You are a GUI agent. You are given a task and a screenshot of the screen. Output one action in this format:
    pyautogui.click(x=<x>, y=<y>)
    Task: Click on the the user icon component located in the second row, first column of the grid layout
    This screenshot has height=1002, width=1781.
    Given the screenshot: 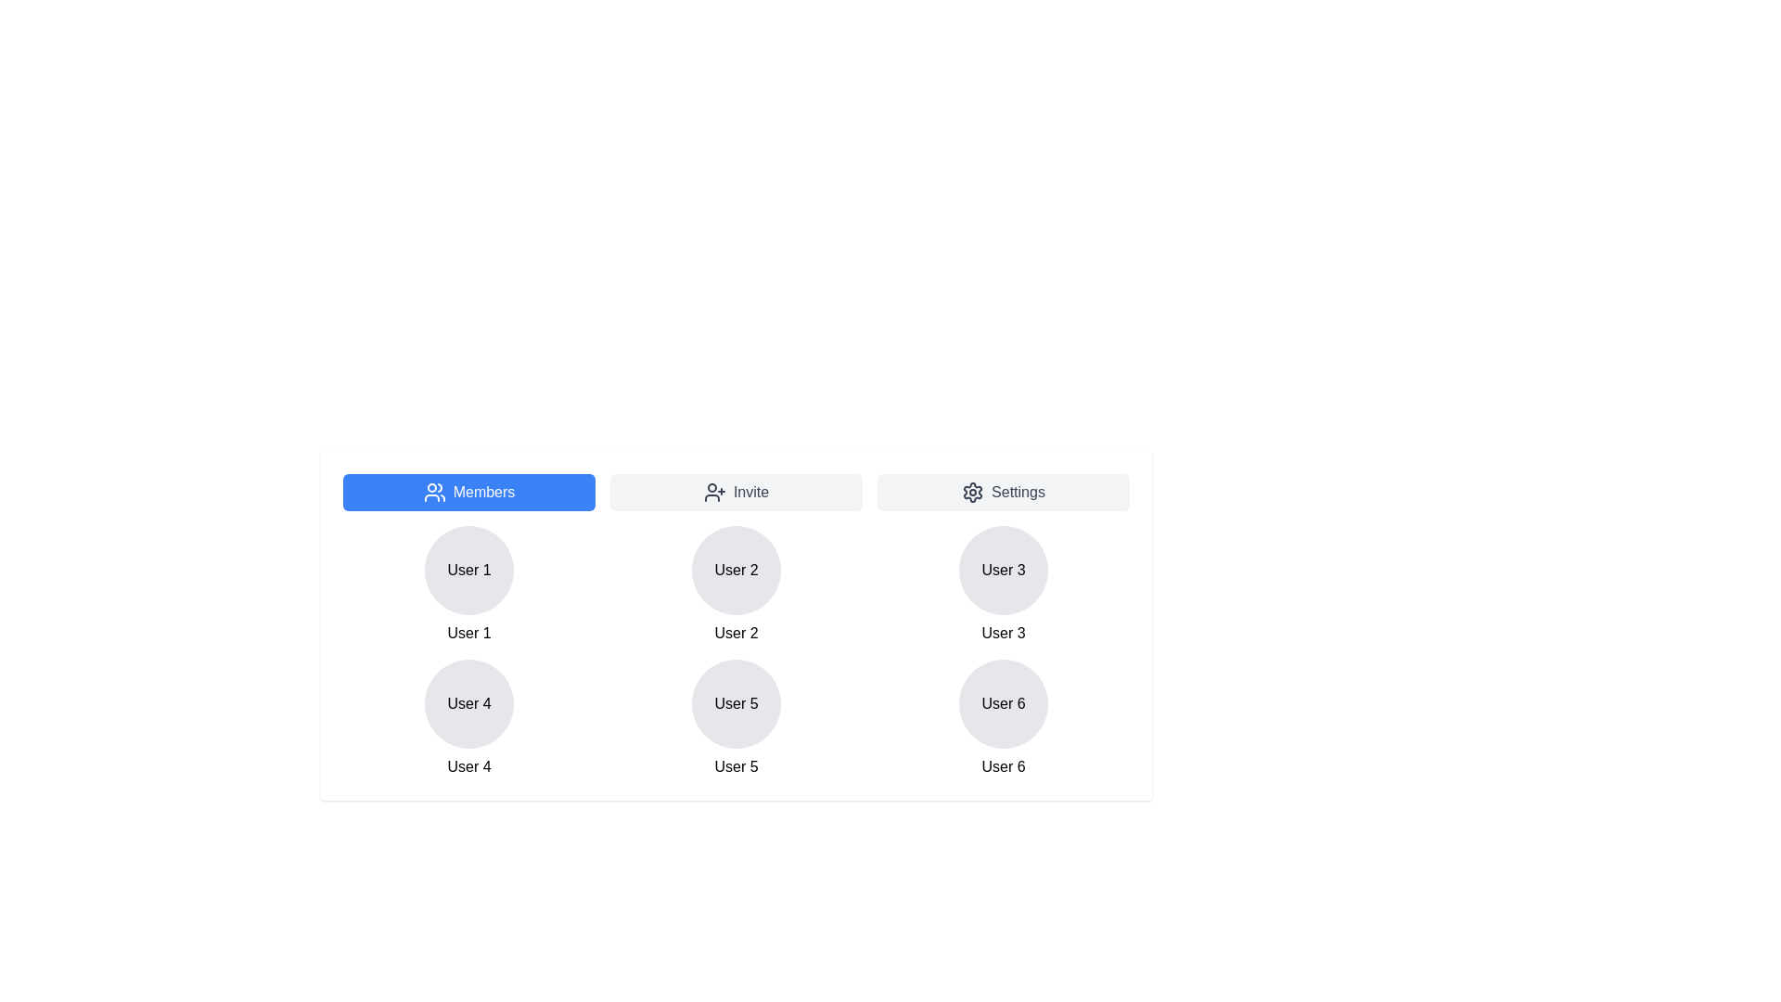 What is the action you would take?
    pyautogui.click(x=468, y=718)
    